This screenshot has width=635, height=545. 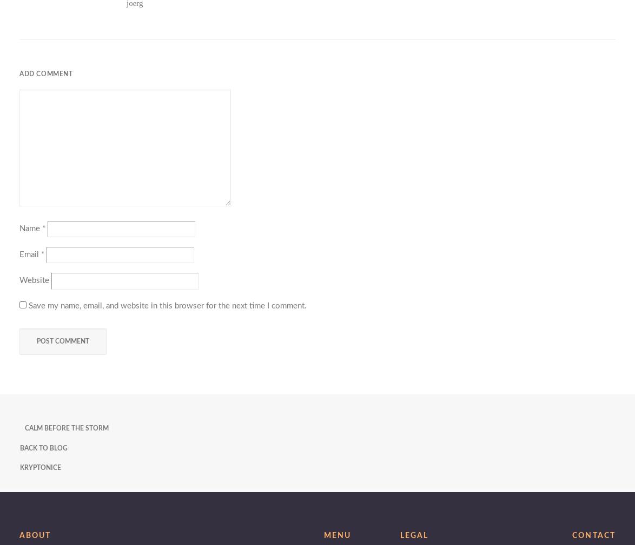 I want to click on 'Menu', so click(x=337, y=536).